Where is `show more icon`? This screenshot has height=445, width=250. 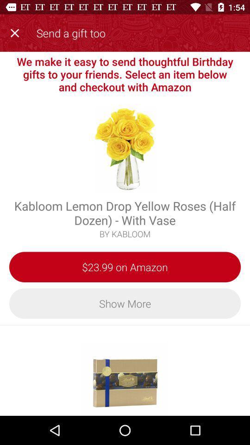
show more icon is located at coordinates (125, 303).